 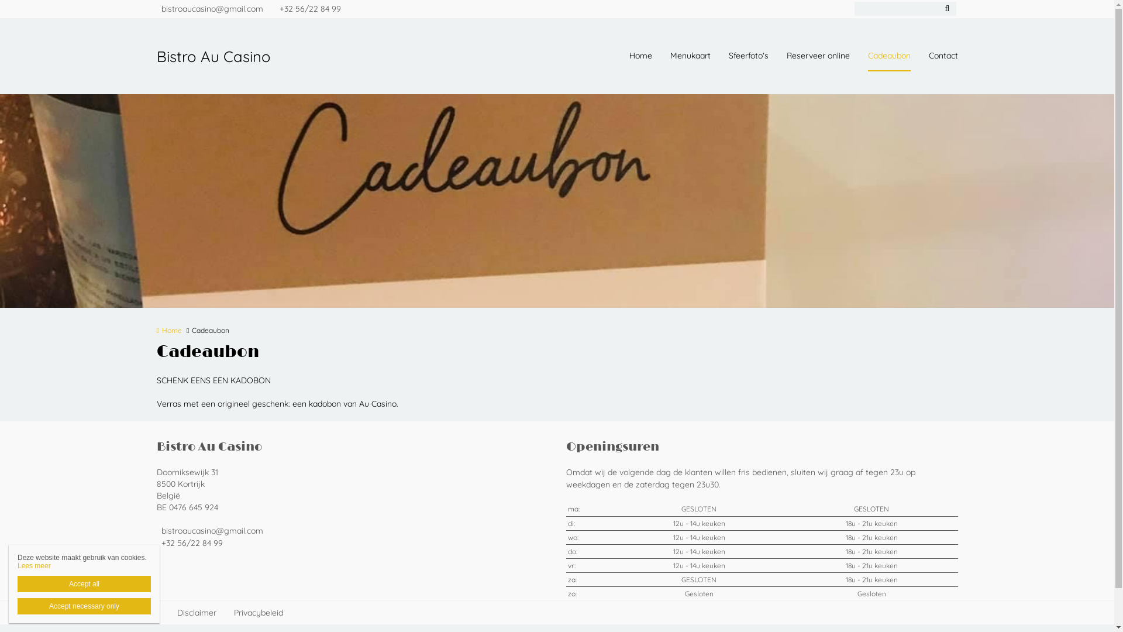 I want to click on 'Reserveer online', so click(x=817, y=56).